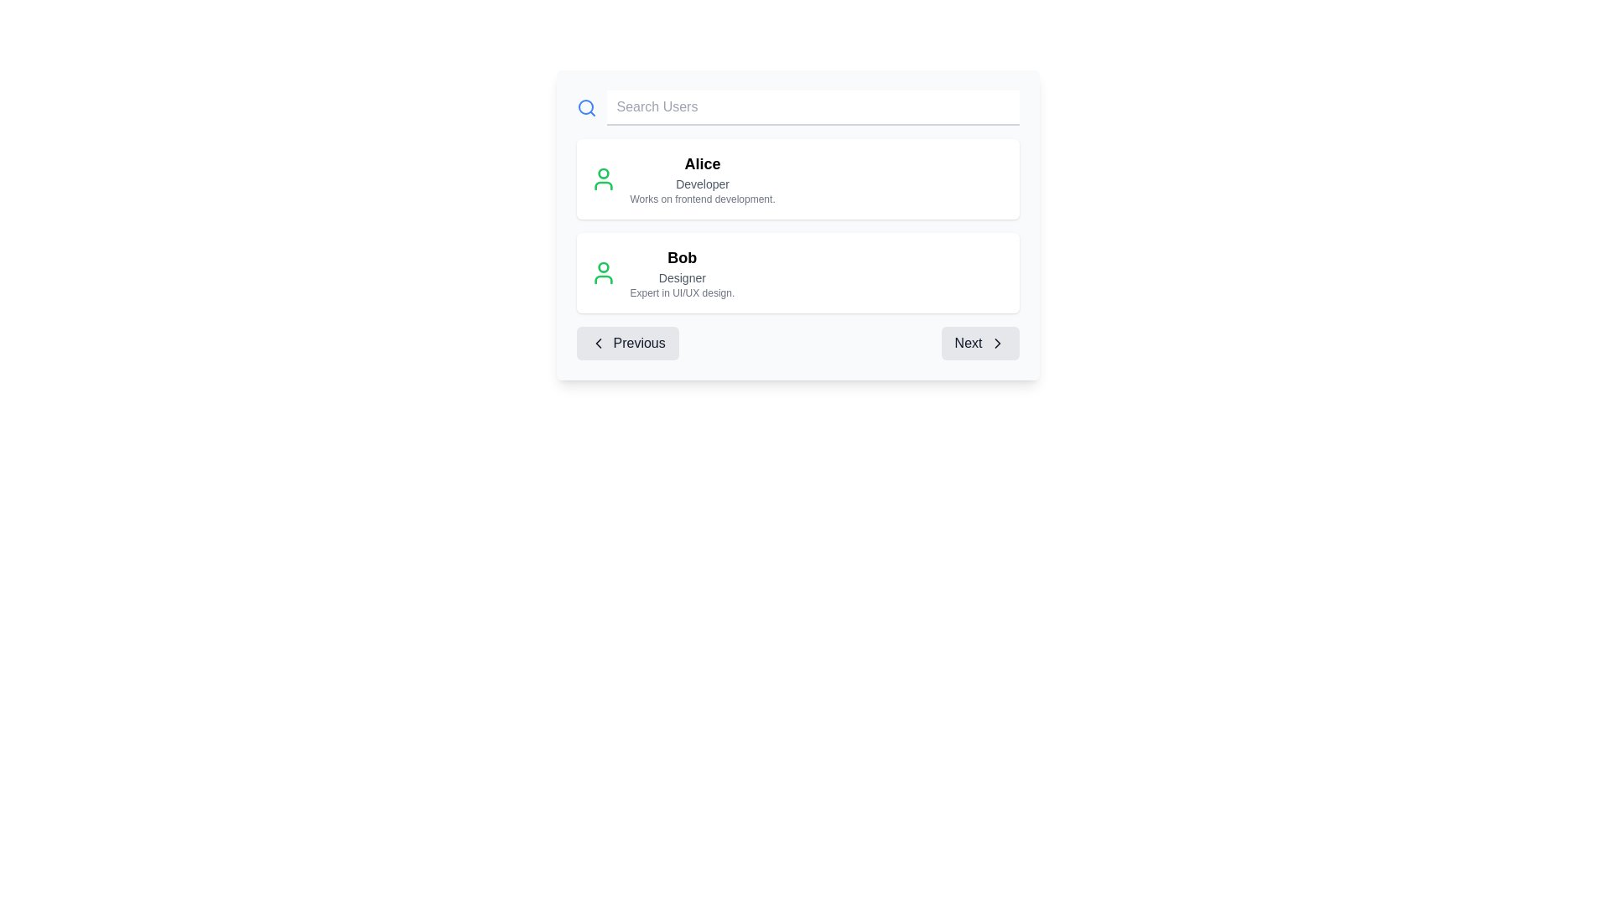 This screenshot has height=905, width=1610. What do you see at coordinates (703, 199) in the screenshot?
I see `the static text label that displays 'Works on frontend development.' positioned below 'Developer' in Alice's user profile` at bounding box center [703, 199].